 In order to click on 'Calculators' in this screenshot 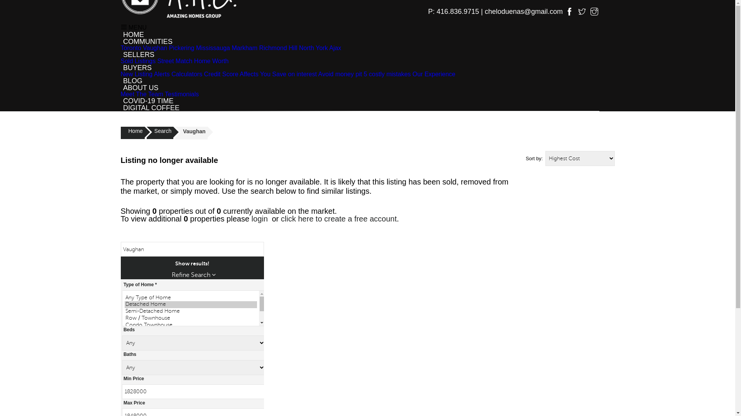, I will do `click(187, 74)`.